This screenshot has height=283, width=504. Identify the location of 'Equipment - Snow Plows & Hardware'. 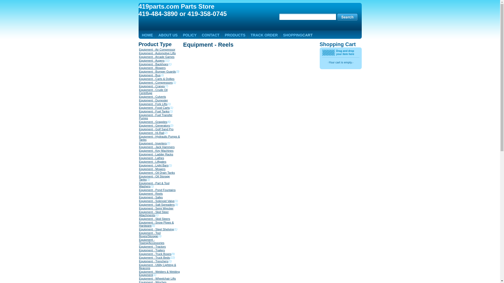
(156, 224).